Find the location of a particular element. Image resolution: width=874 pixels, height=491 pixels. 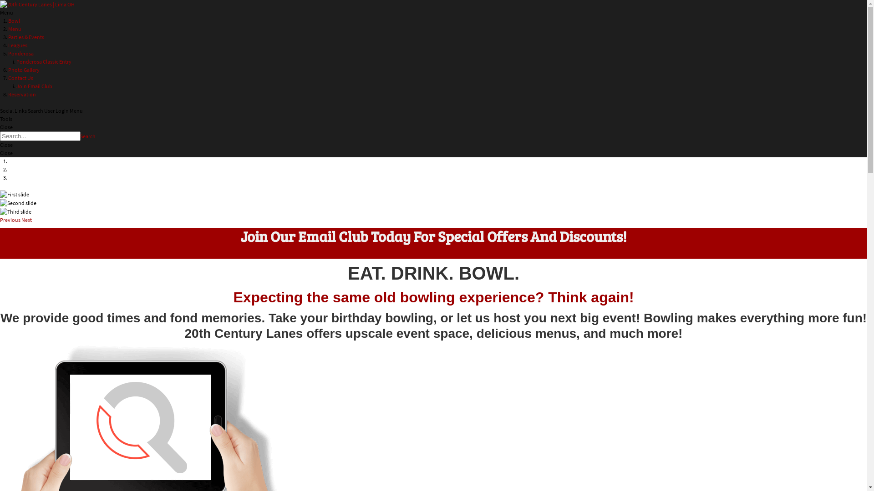

'Reservation' is located at coordinates (22, 94).